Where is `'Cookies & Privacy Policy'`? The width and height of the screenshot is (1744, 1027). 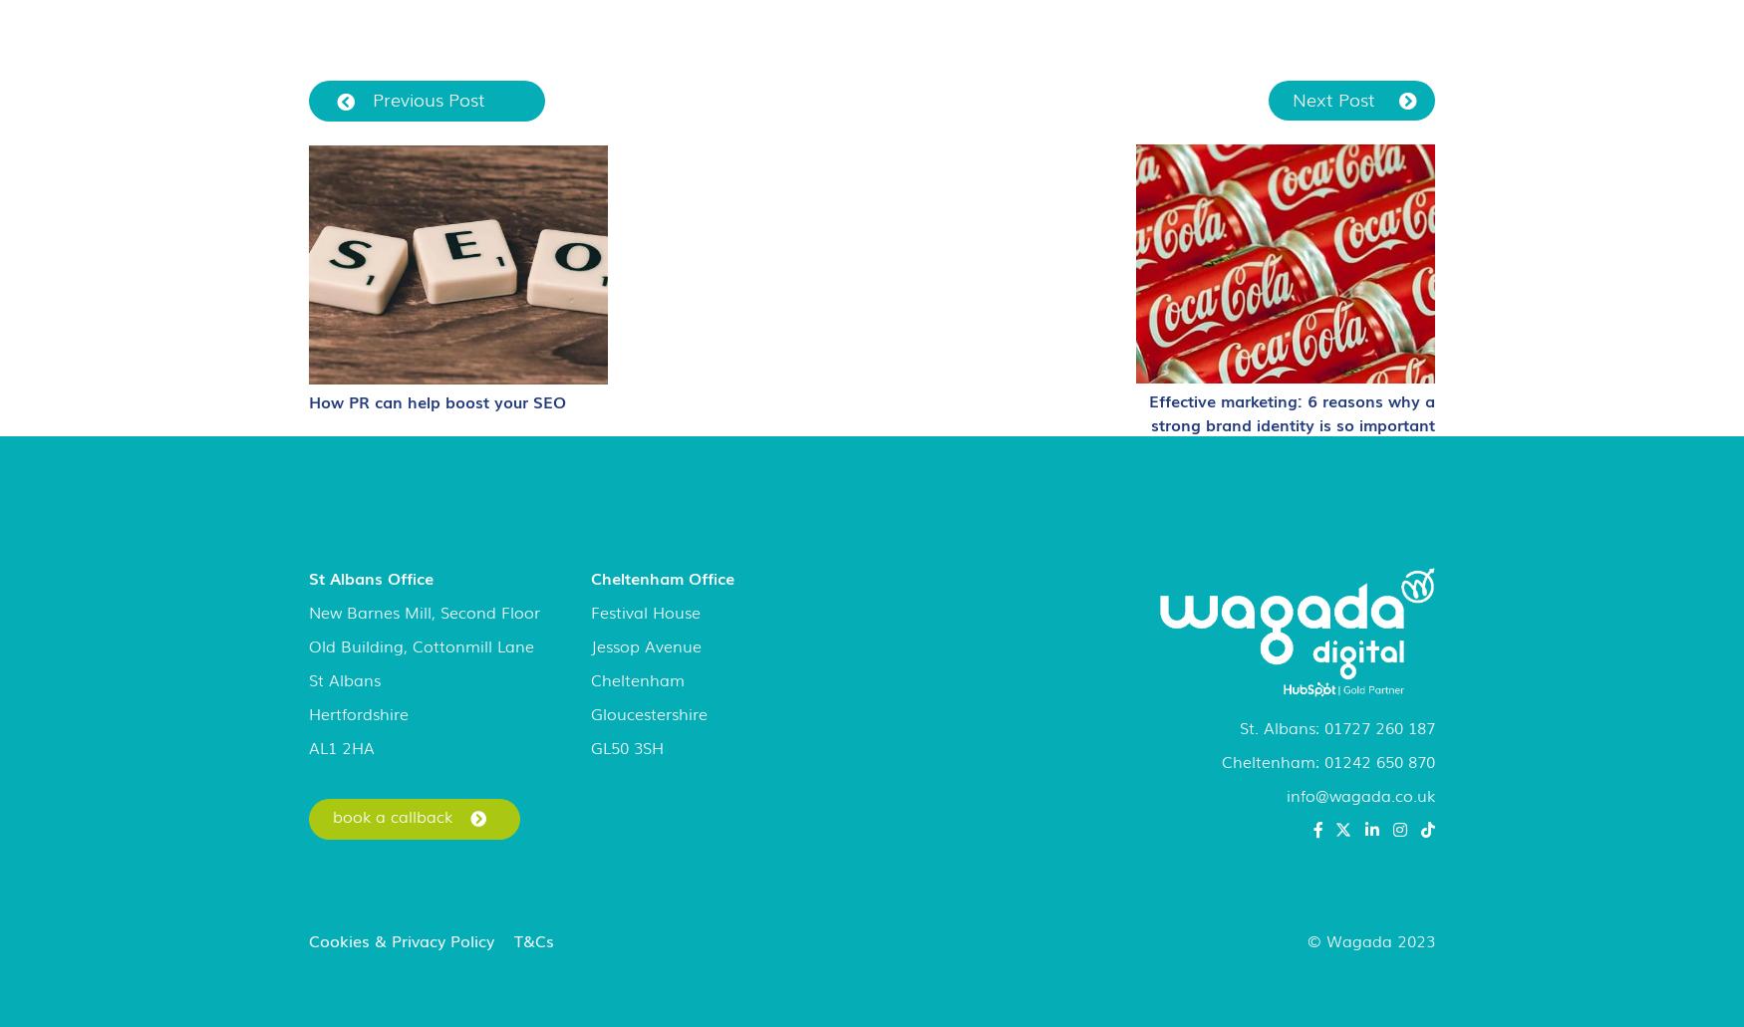 'Cookies & Privacy Policy' is located at coordinates (401, 938).